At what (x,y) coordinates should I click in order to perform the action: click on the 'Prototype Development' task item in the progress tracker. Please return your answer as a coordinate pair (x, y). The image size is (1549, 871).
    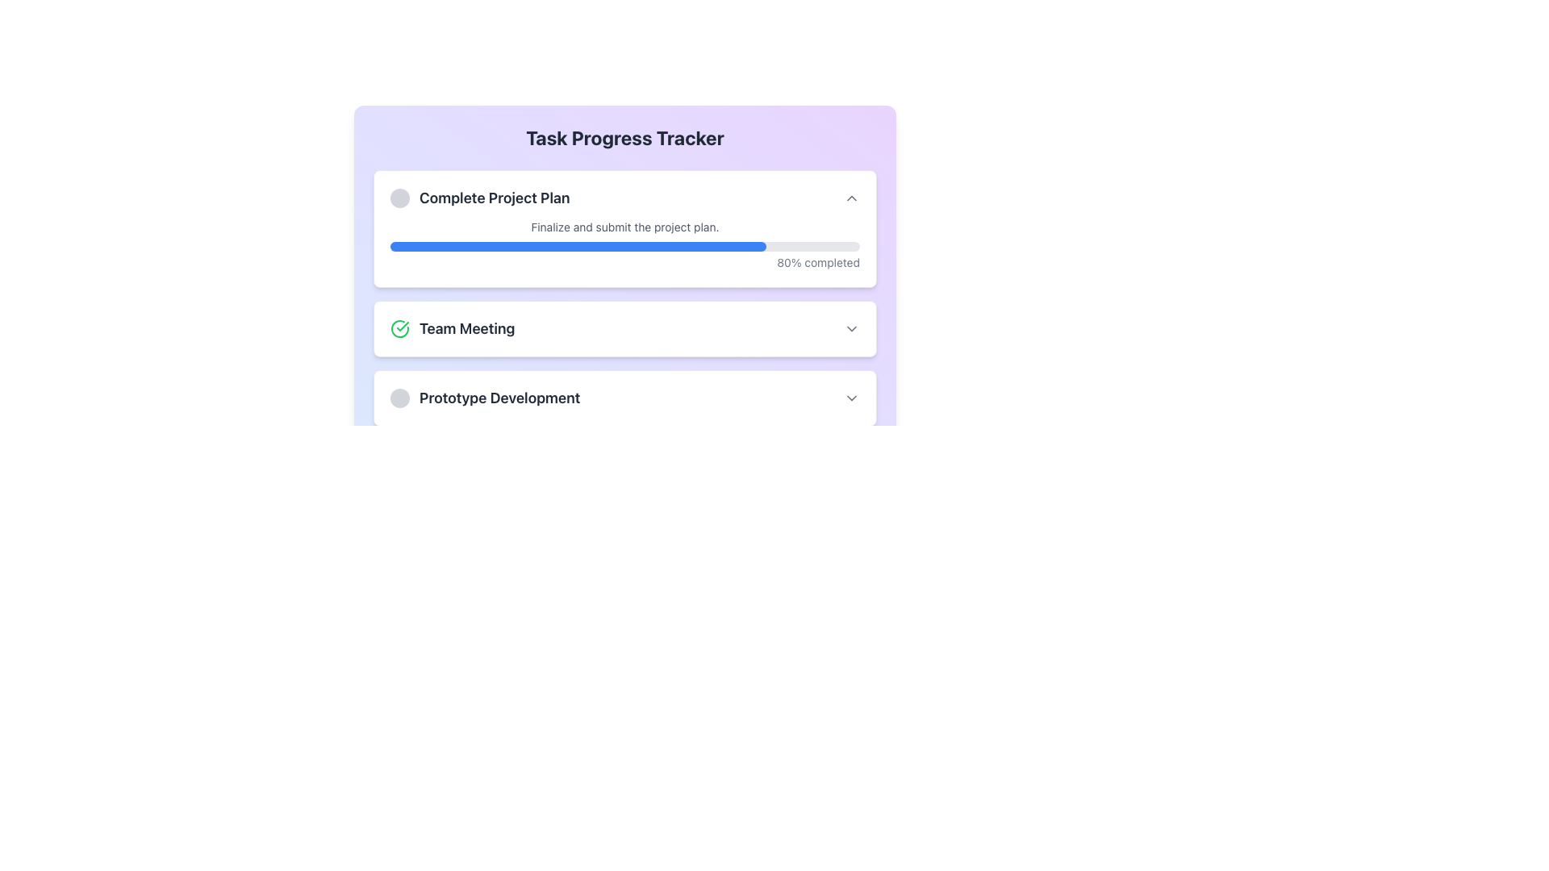
    Looking at the image, I should click on (624, 398).